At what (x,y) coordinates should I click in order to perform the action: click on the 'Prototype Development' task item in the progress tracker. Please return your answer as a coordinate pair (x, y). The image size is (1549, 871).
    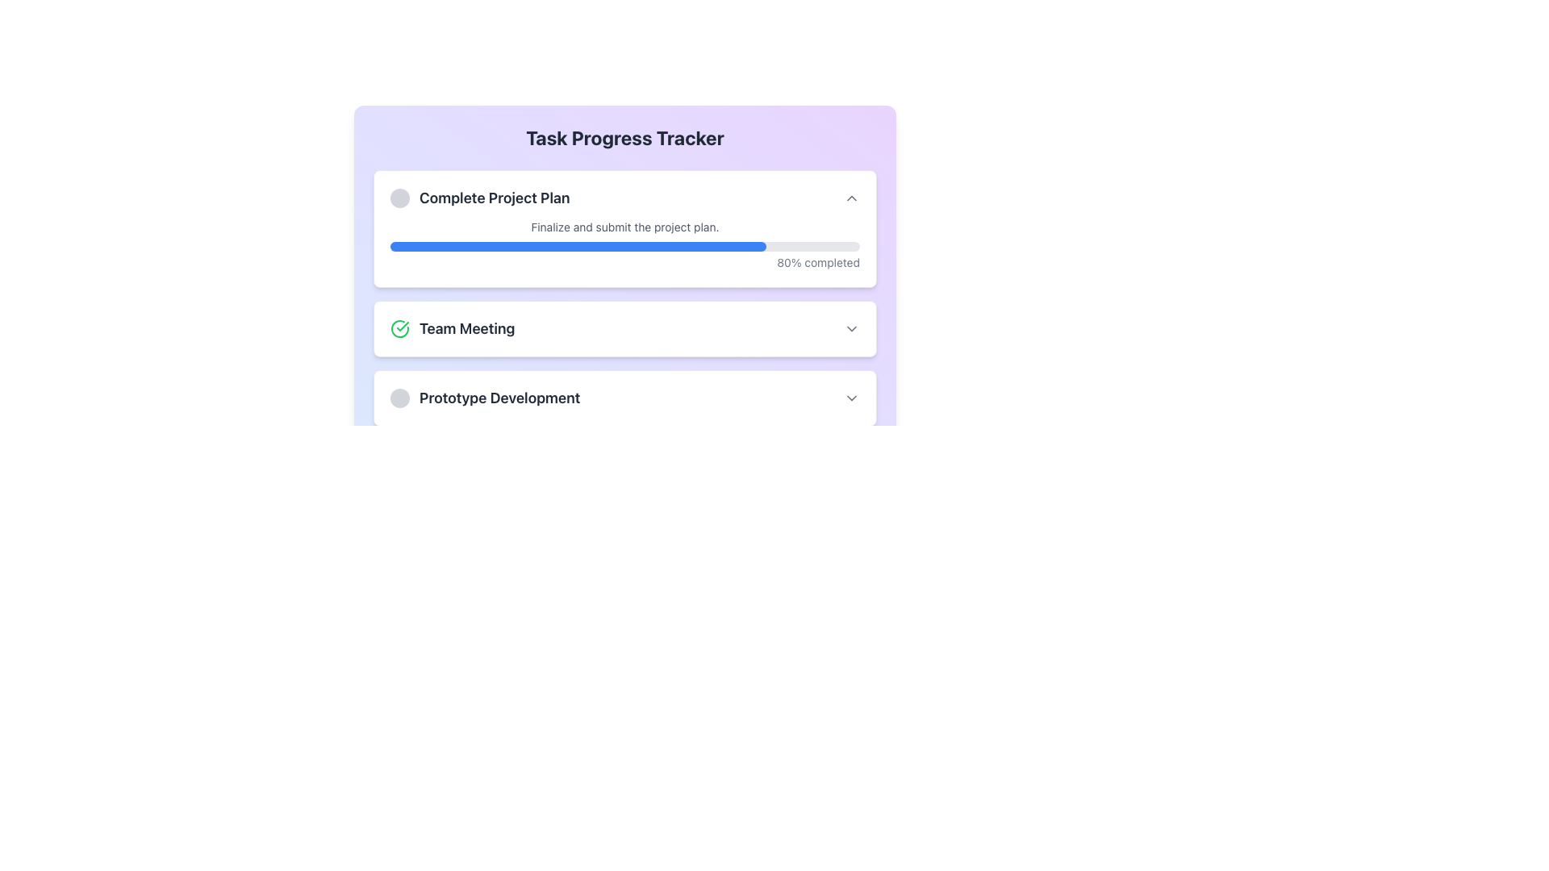
    Looking at the image, I should click on (624, 398).